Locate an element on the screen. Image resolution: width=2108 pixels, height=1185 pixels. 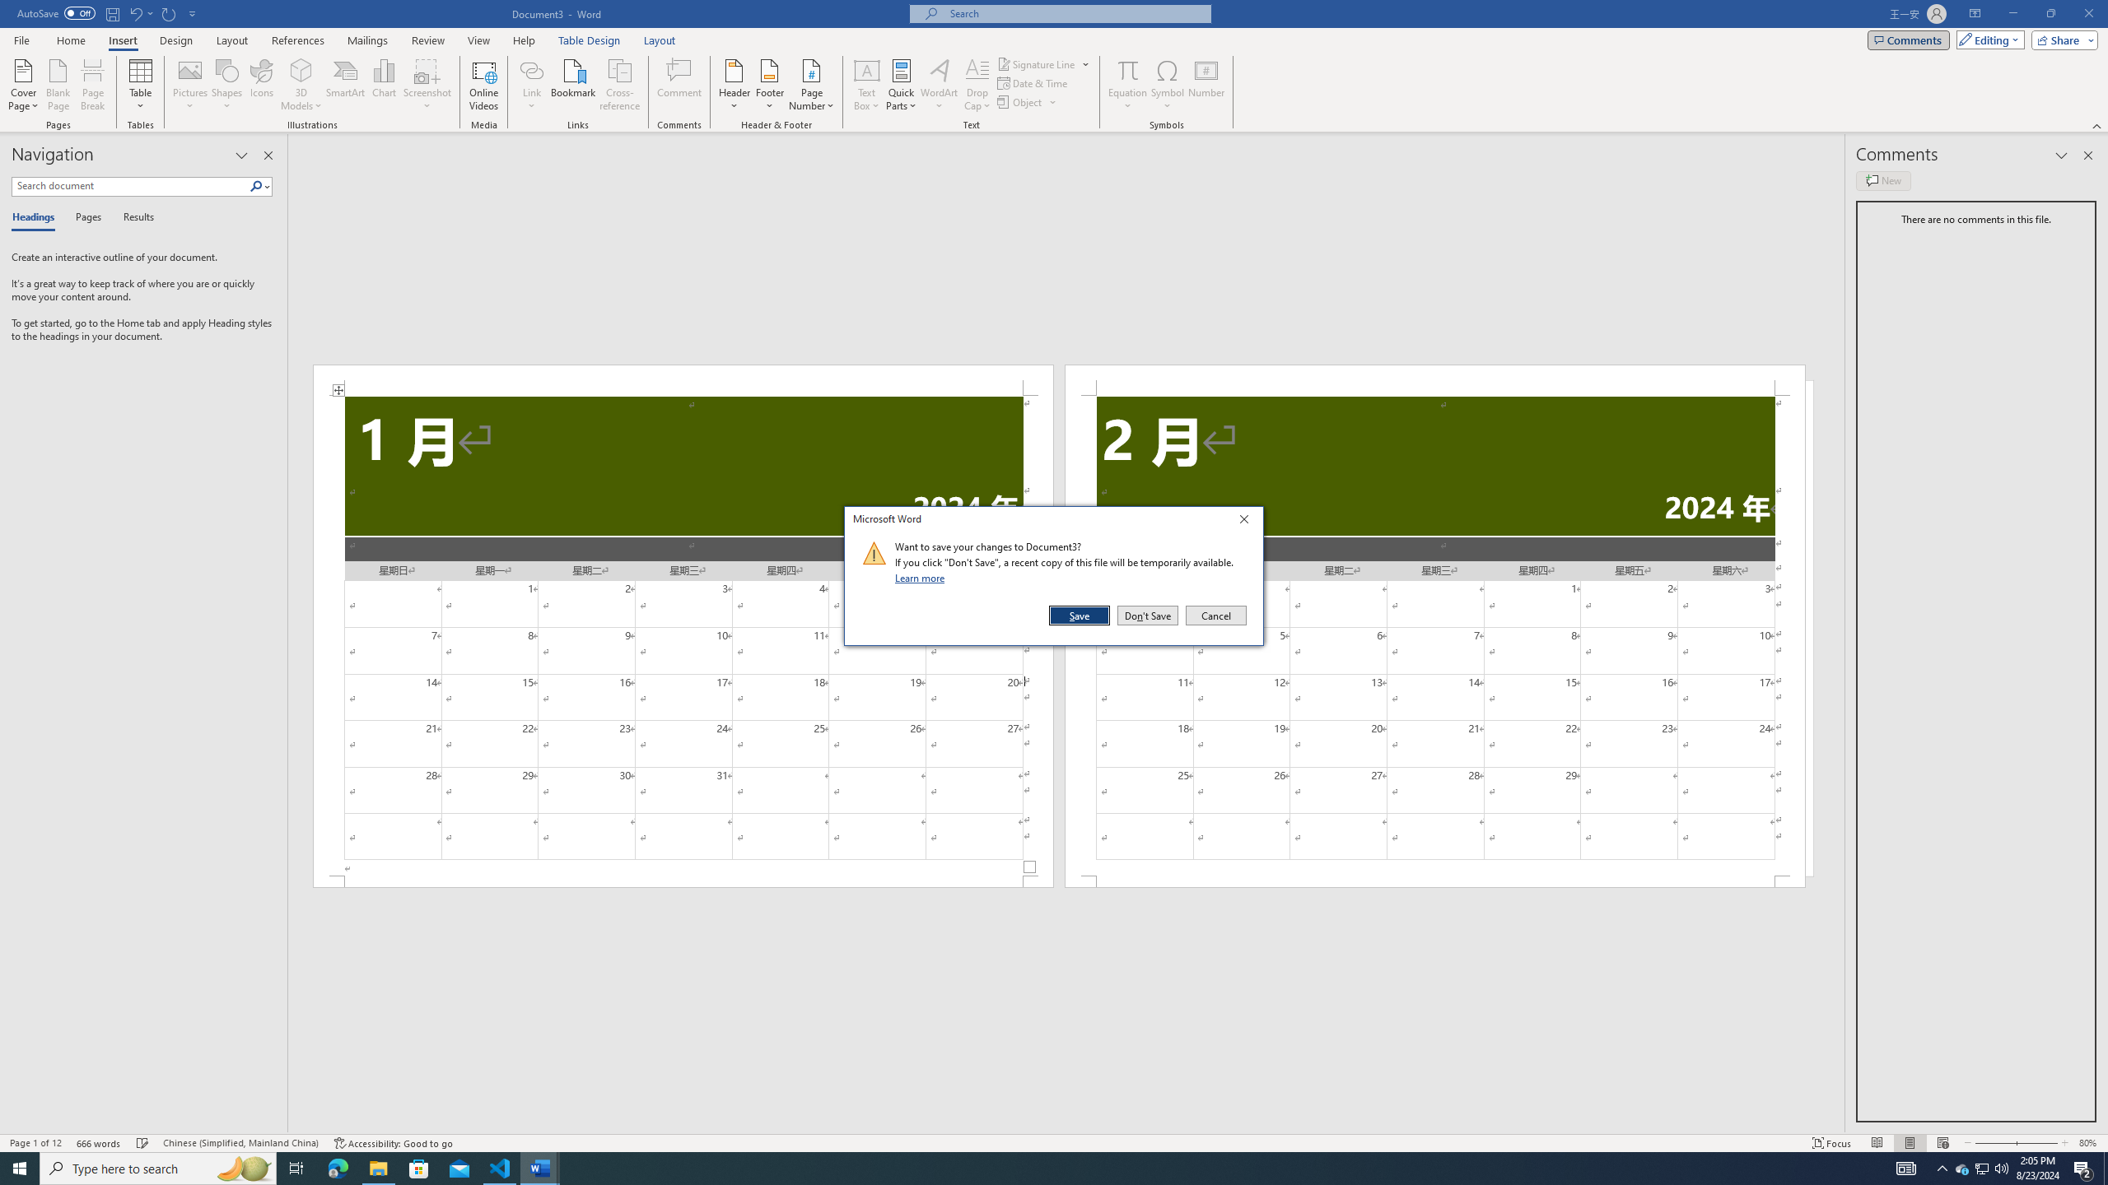
'Share' is located at coordinates (2060, 39).